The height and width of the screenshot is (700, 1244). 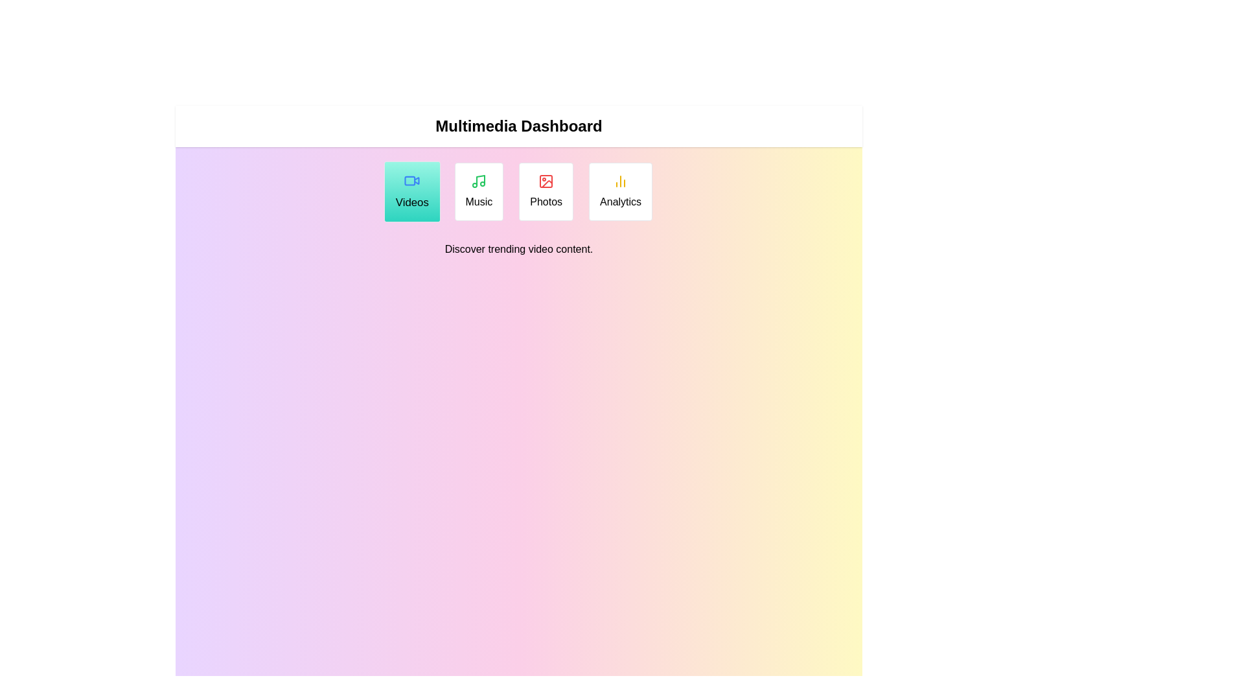 I want to click on the Photos tab, so click(x=546, y=192).